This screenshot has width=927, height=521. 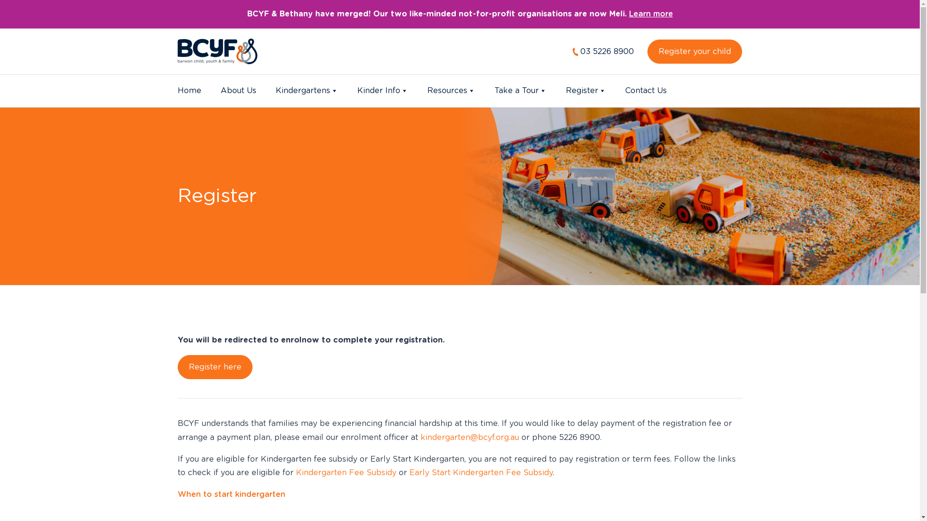 What do you see at coordinates (694, 52) in the screenshot?
I see `'Register your child'` at bounding box center [694, 52].